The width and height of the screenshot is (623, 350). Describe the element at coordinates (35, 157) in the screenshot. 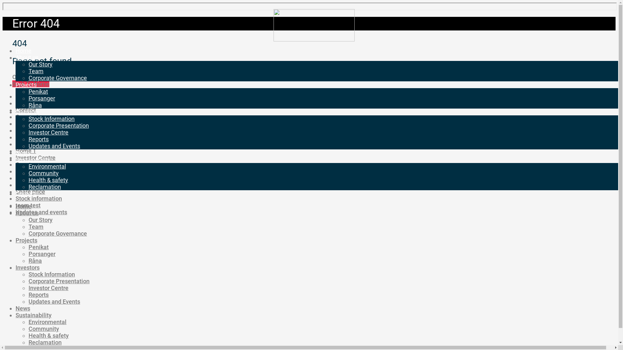

I see `'Investor Centre'` at that location.